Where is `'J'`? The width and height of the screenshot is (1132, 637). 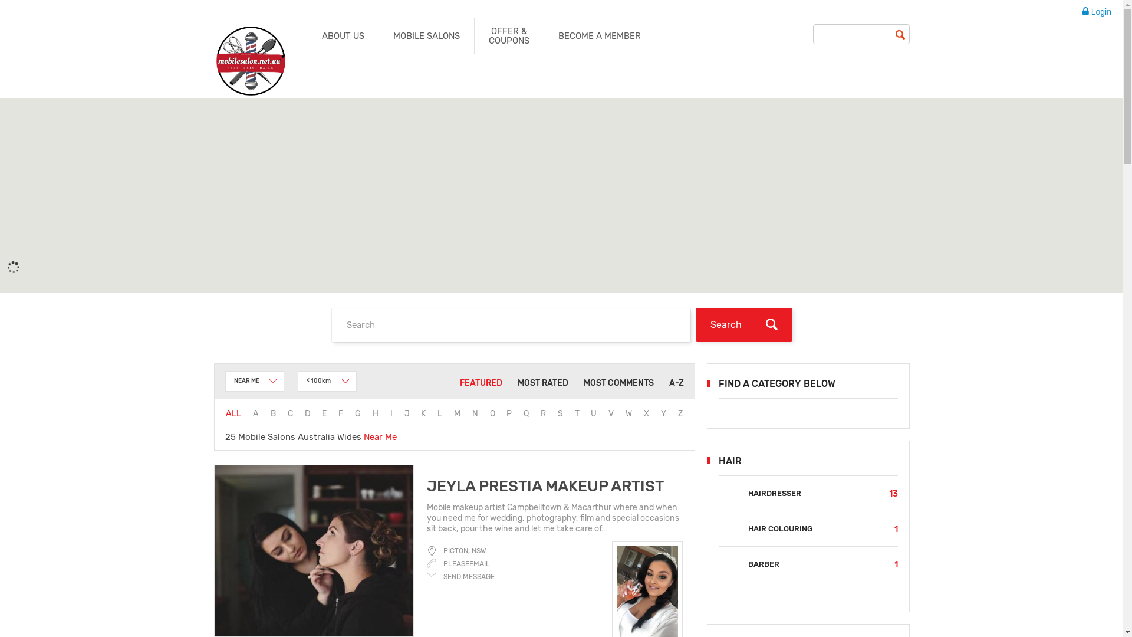
'J' is located at coordinates (407, 413).